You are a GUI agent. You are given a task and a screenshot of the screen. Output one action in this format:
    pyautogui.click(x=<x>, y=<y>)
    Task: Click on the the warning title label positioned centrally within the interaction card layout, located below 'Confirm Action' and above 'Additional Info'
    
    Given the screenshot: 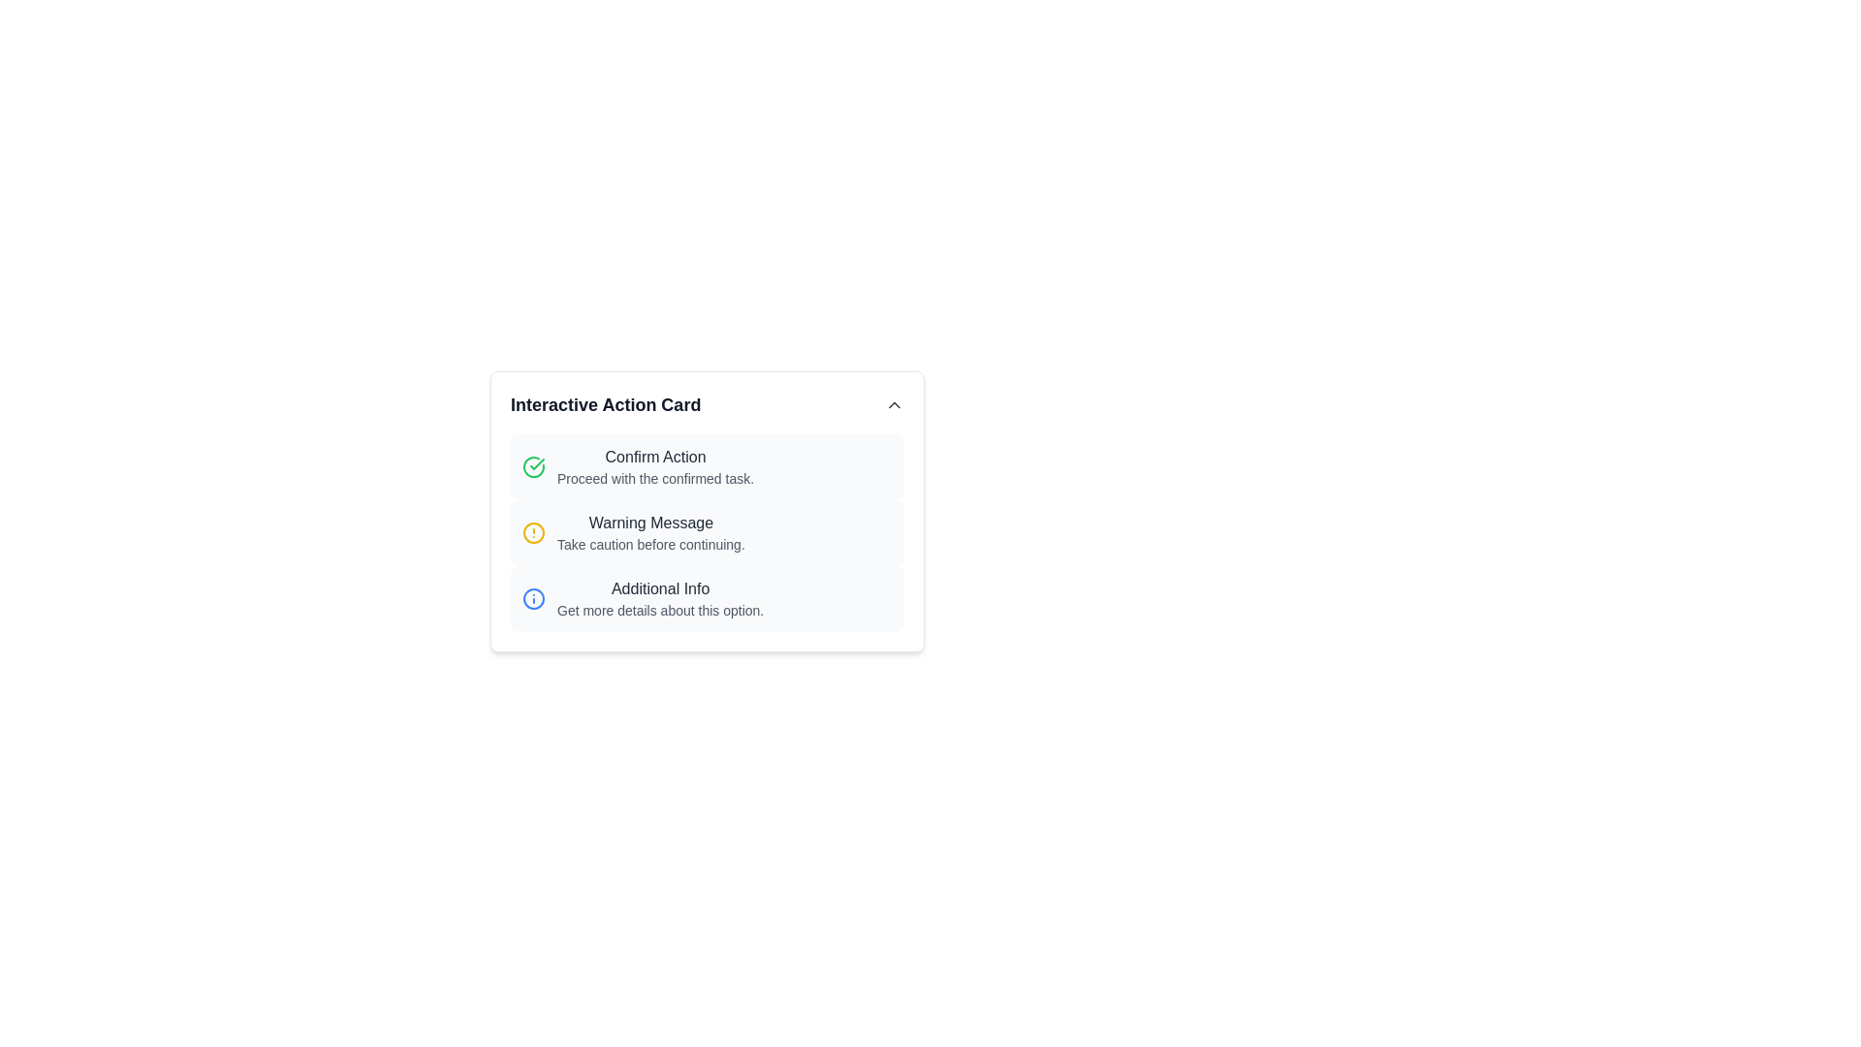 What is the action you would take?
    pyautogui.click(x=651, y=523)
    